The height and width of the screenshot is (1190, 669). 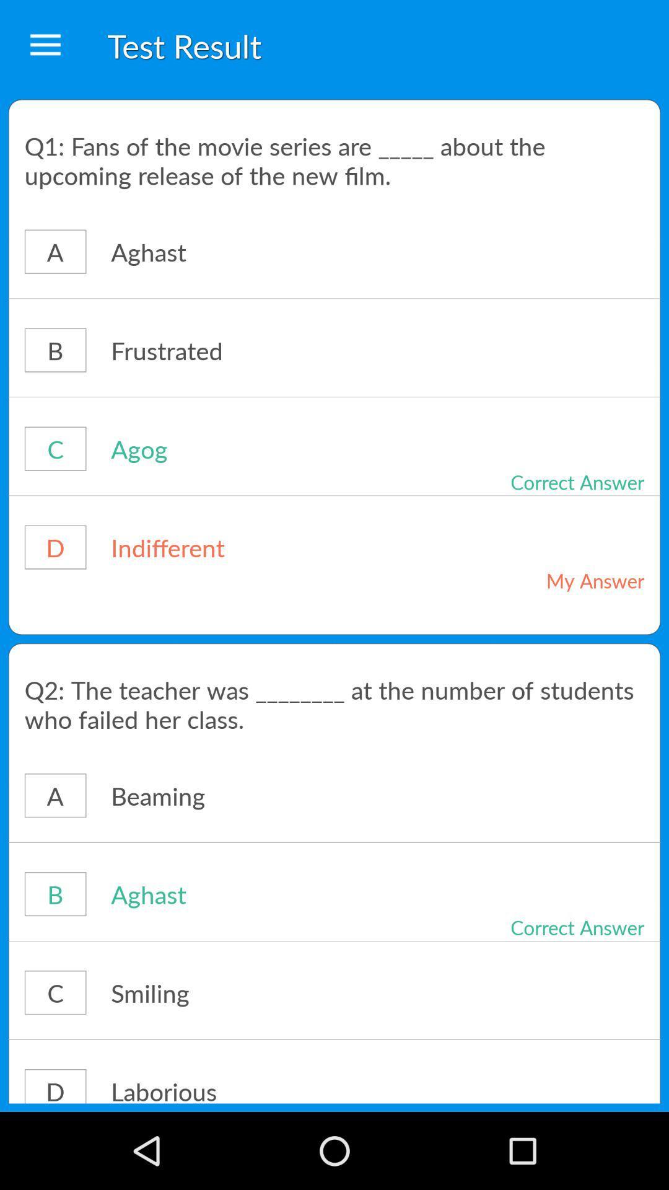 I want to click on the frustrated icon, so click(x=256, y=350).